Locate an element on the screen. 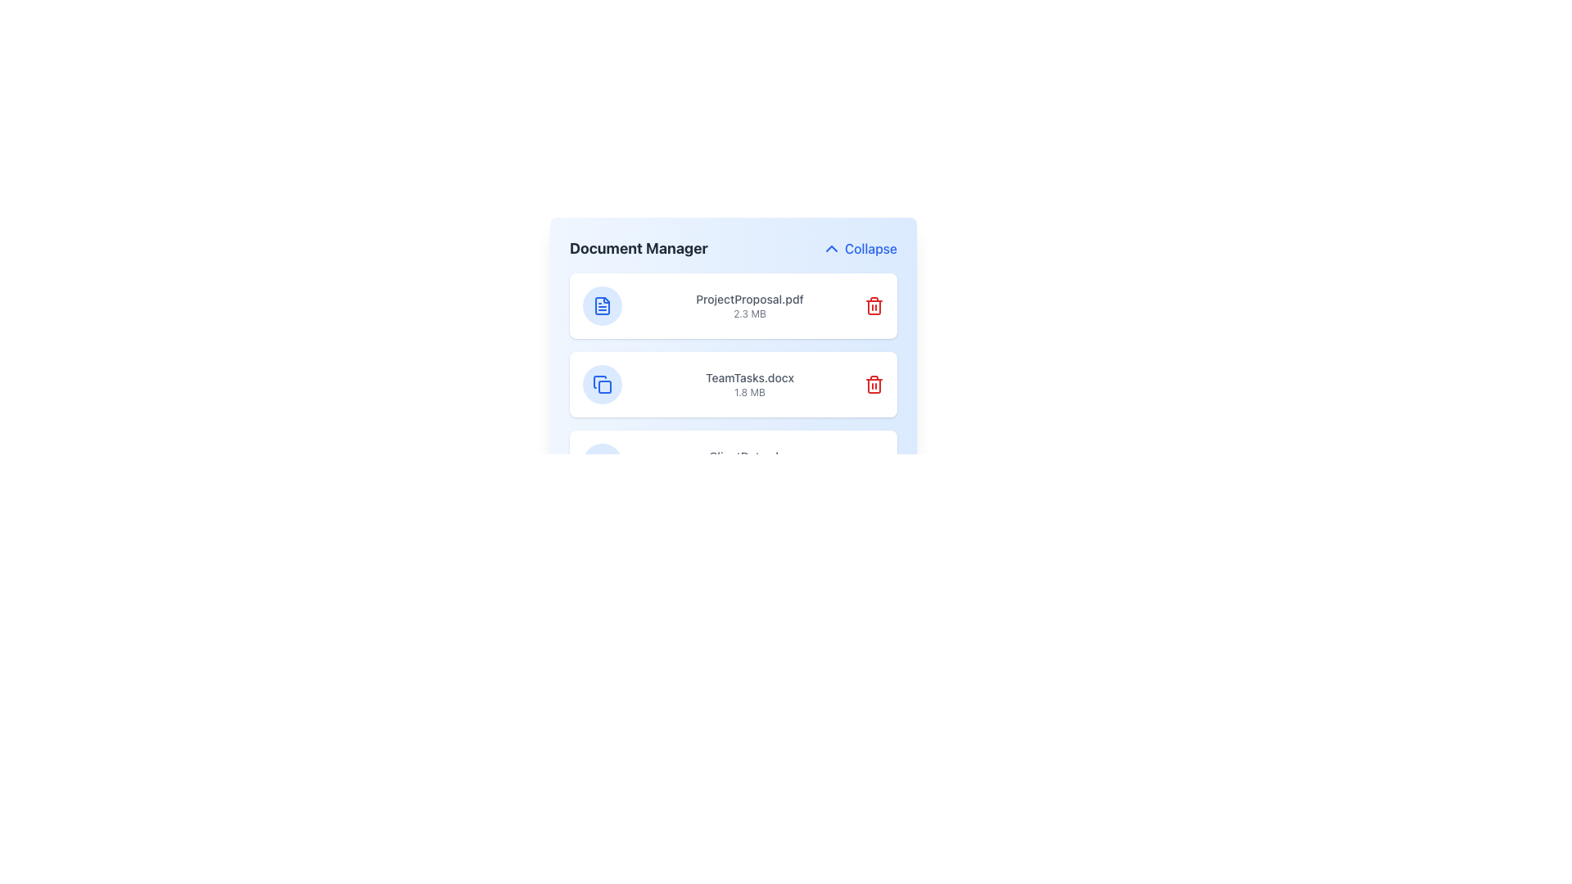  the red trash bin icon associated with 'TeamTasks.docx' to potentially display additional information is located at coordinates (874, 385).